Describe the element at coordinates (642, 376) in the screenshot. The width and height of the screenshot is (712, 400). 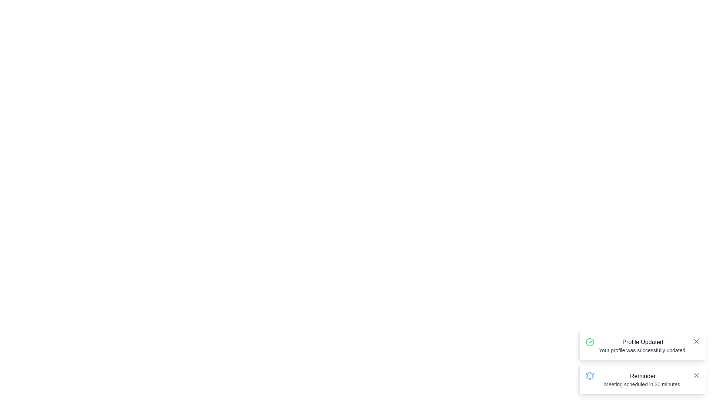
I see `the 'Reminder' text label, which is a medium-weight dark gray font heading within a notification card at the bottom-right corner of the interface` at that location.